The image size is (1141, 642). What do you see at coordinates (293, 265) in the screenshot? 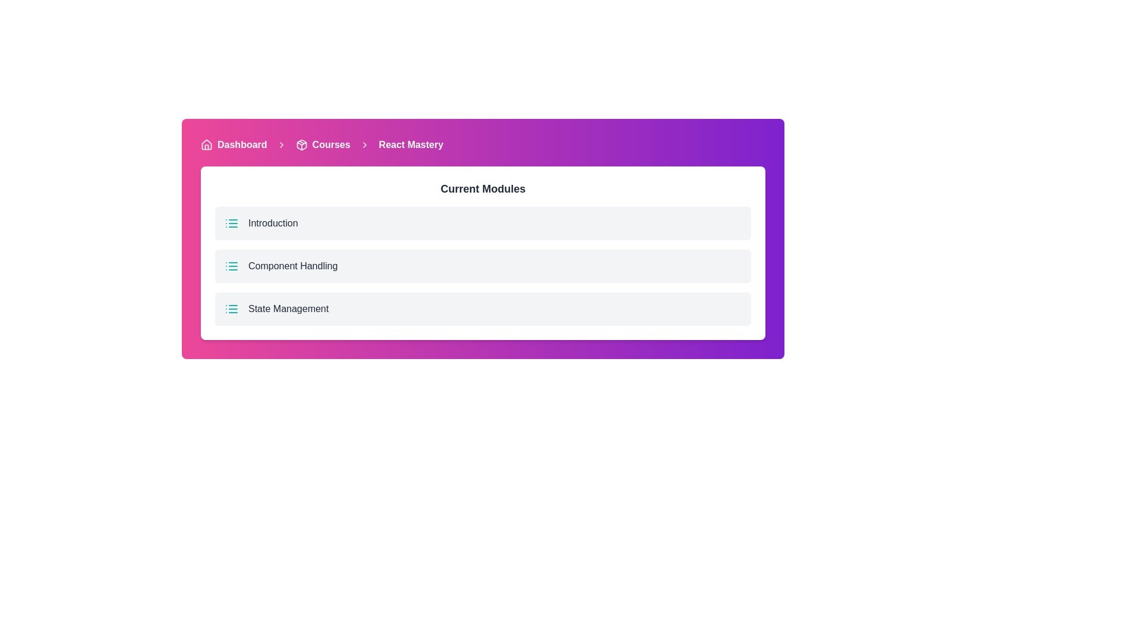
I see `the content of the text label located in the center-right section of the row, which is the second item in the list, following 'Introduction' and preceding 'State Management'` at bounding box center [293, 265].